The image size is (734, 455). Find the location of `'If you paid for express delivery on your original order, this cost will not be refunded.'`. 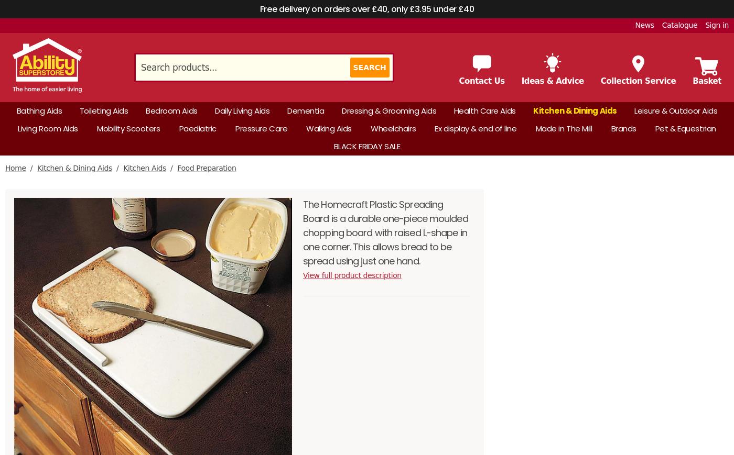

'If you paid for express delivery on your original order, this cost will not be refunded.' is located at coordinates (186, 89).